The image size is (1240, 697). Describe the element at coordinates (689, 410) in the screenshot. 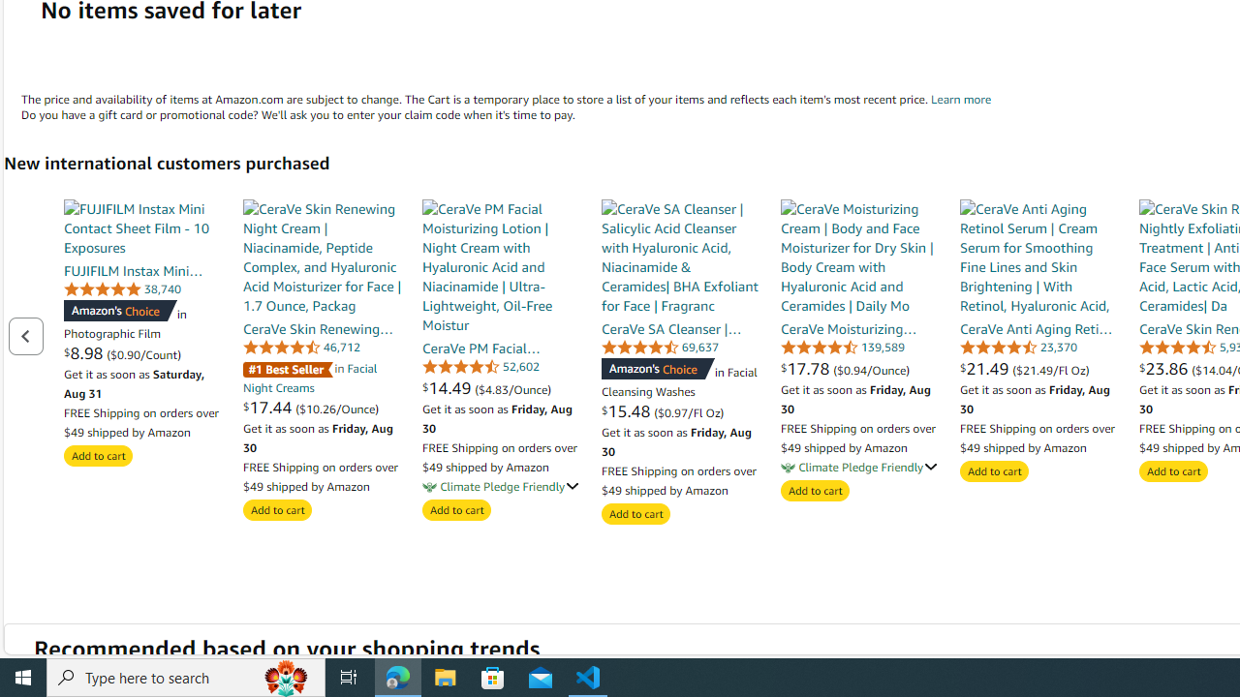

I see `'($0.97/Fl Oz)'` at that location.